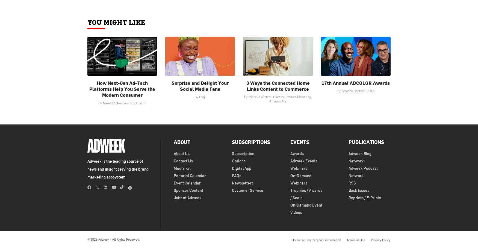 The width and height of the screenshot is (478, 251). I want to click on 'How Next-Gen Ad-Tech Platforms Help You Serve the Modern Consumer', so click(122, 89).